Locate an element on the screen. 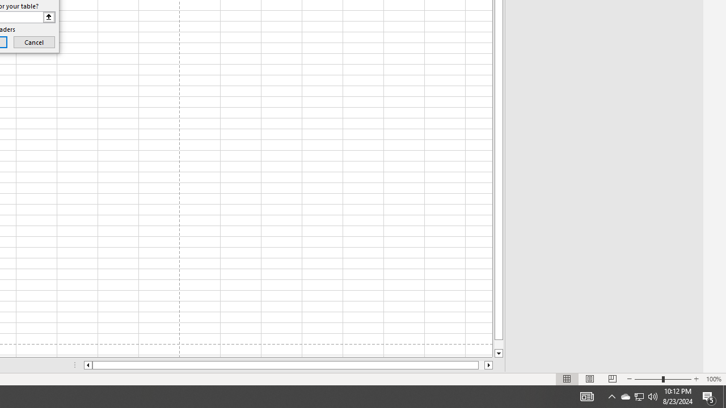 This screenshot has height=408, width=726. 'Class: NetUIScrollBar' is located at coordinates (288, 365).